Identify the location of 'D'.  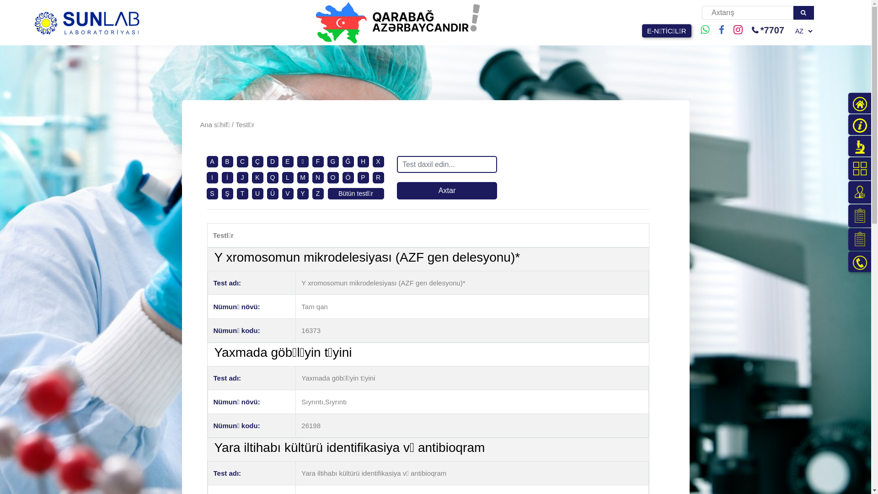
(272, 161).